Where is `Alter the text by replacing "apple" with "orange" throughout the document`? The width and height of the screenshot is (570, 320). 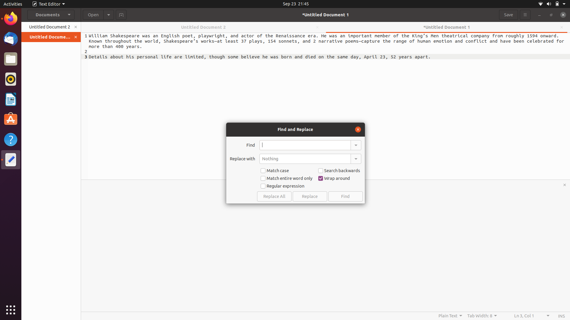 Alter the text by replacing "apple" with "orange" throughout the document is located at coordinates (305, 145).